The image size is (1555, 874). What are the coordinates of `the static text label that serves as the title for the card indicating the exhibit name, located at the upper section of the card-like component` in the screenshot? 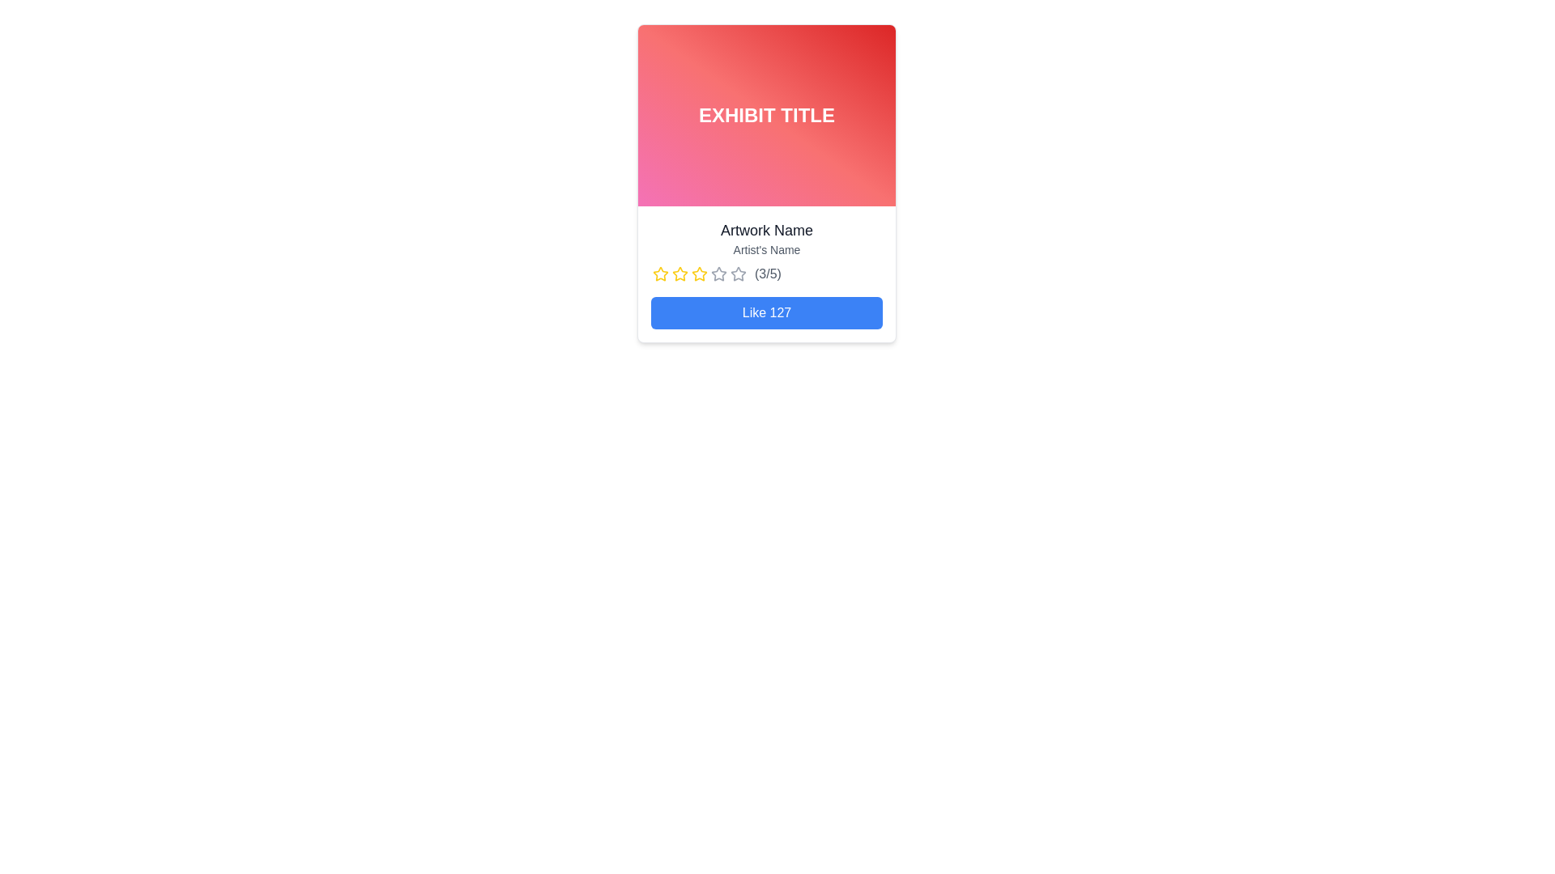 It's located at (765, 114).